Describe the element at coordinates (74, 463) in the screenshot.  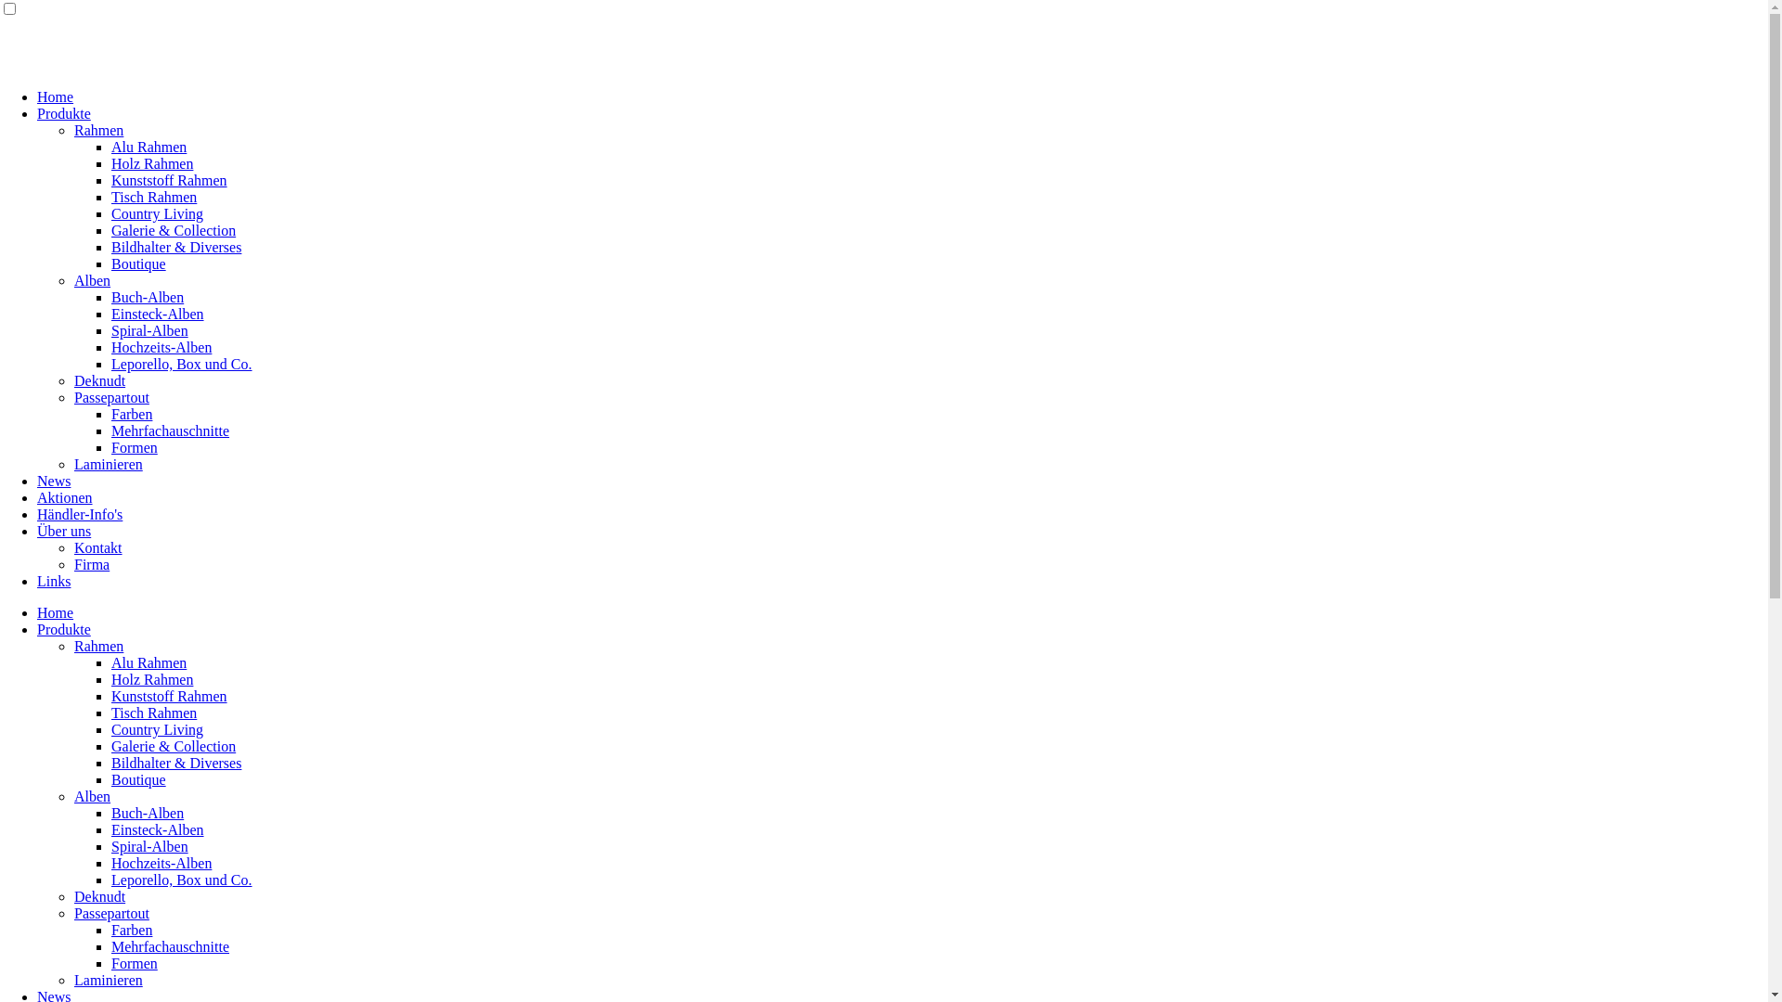
I see `'Laminieren'` at that location.